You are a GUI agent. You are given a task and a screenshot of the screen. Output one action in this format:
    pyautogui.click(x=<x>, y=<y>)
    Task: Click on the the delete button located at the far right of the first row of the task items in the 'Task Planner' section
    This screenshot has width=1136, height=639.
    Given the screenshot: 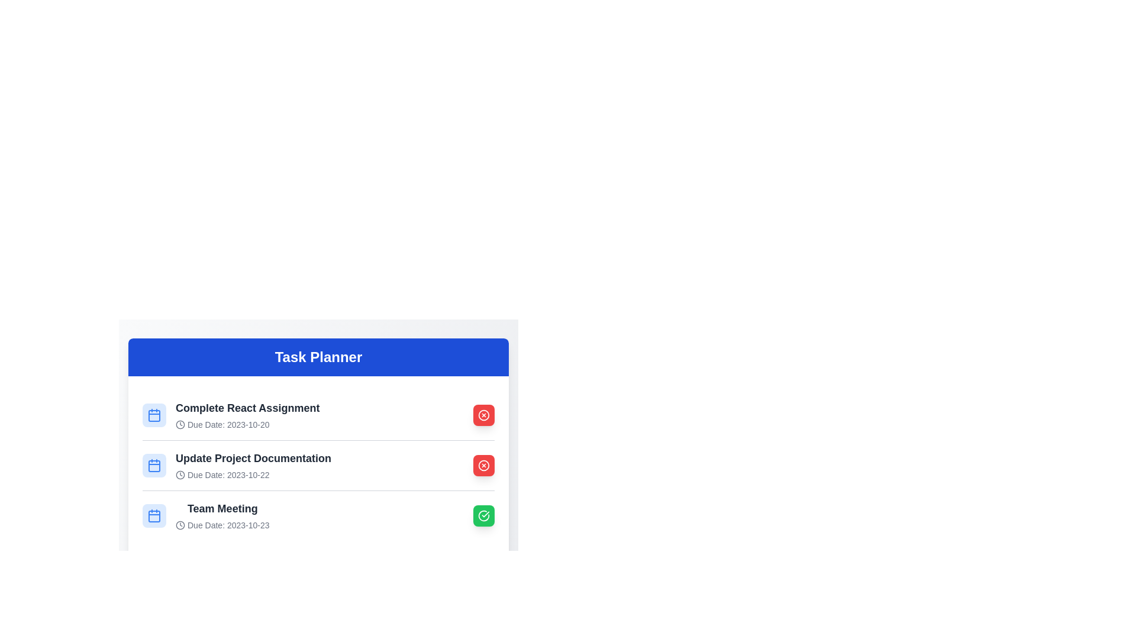 What is the action you would take?
    pyautogui.click(x=483, y=464)
    